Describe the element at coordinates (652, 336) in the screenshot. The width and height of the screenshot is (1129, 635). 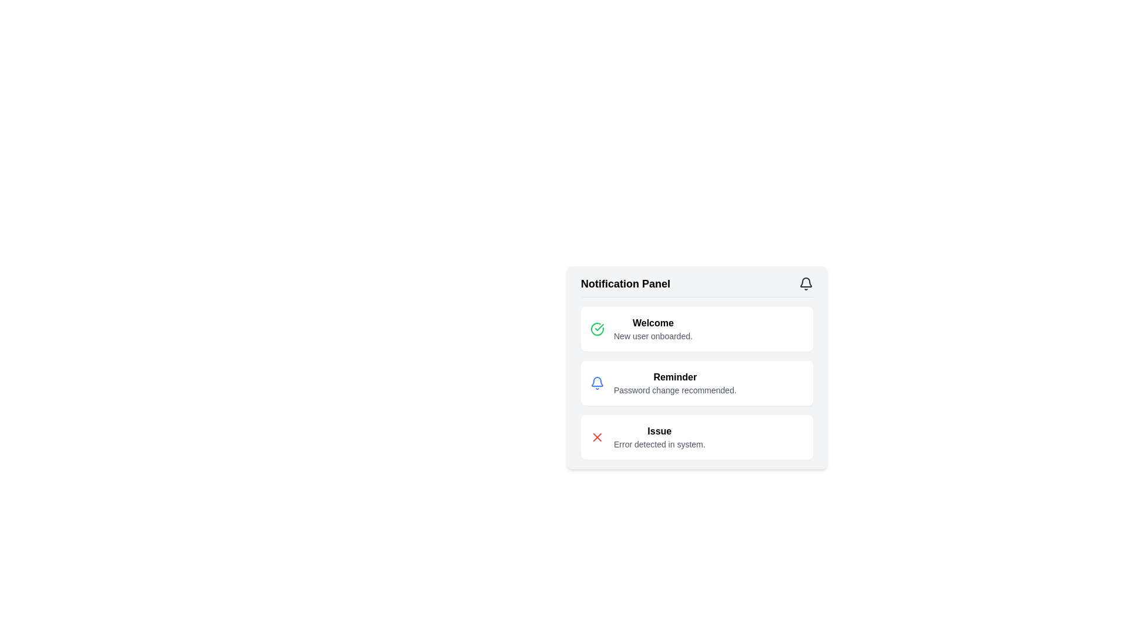
I see `text label displaying 'New user onboarded.' located beneath the header 'Welcome' in the notification panel` at that location.